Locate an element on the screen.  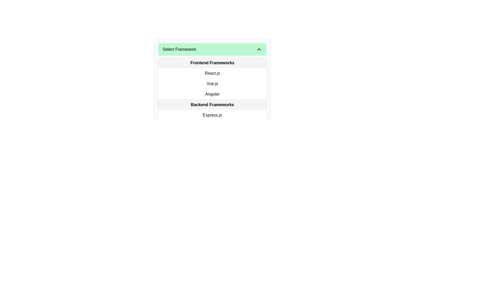
the 'Vue.js' option in the CategorizedList located beneath the 'Select Framework' dropdown is located at coordinates (212, 78).